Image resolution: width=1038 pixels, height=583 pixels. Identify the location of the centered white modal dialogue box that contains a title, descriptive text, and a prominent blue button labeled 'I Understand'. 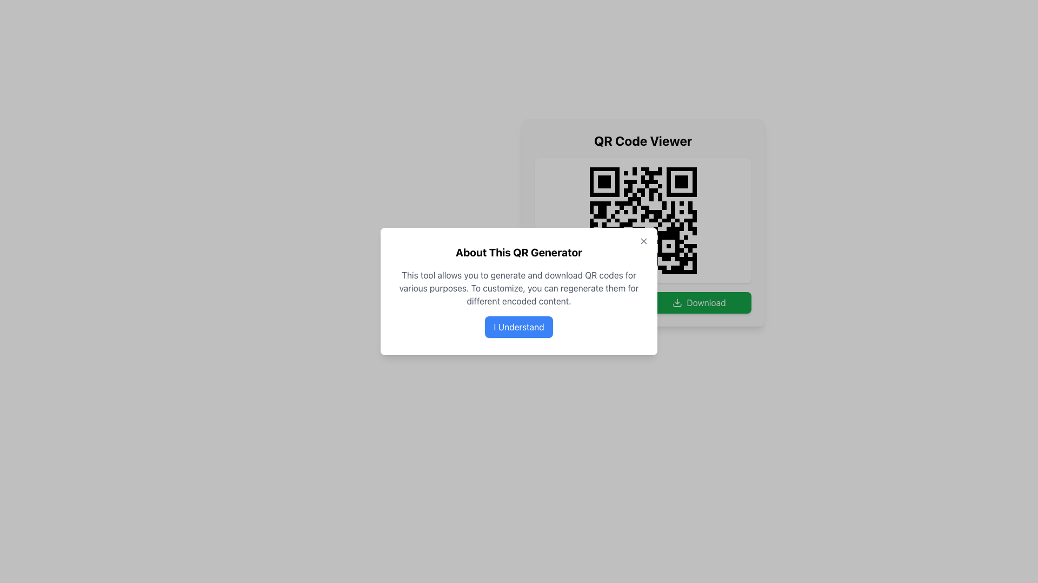
(519, 291).